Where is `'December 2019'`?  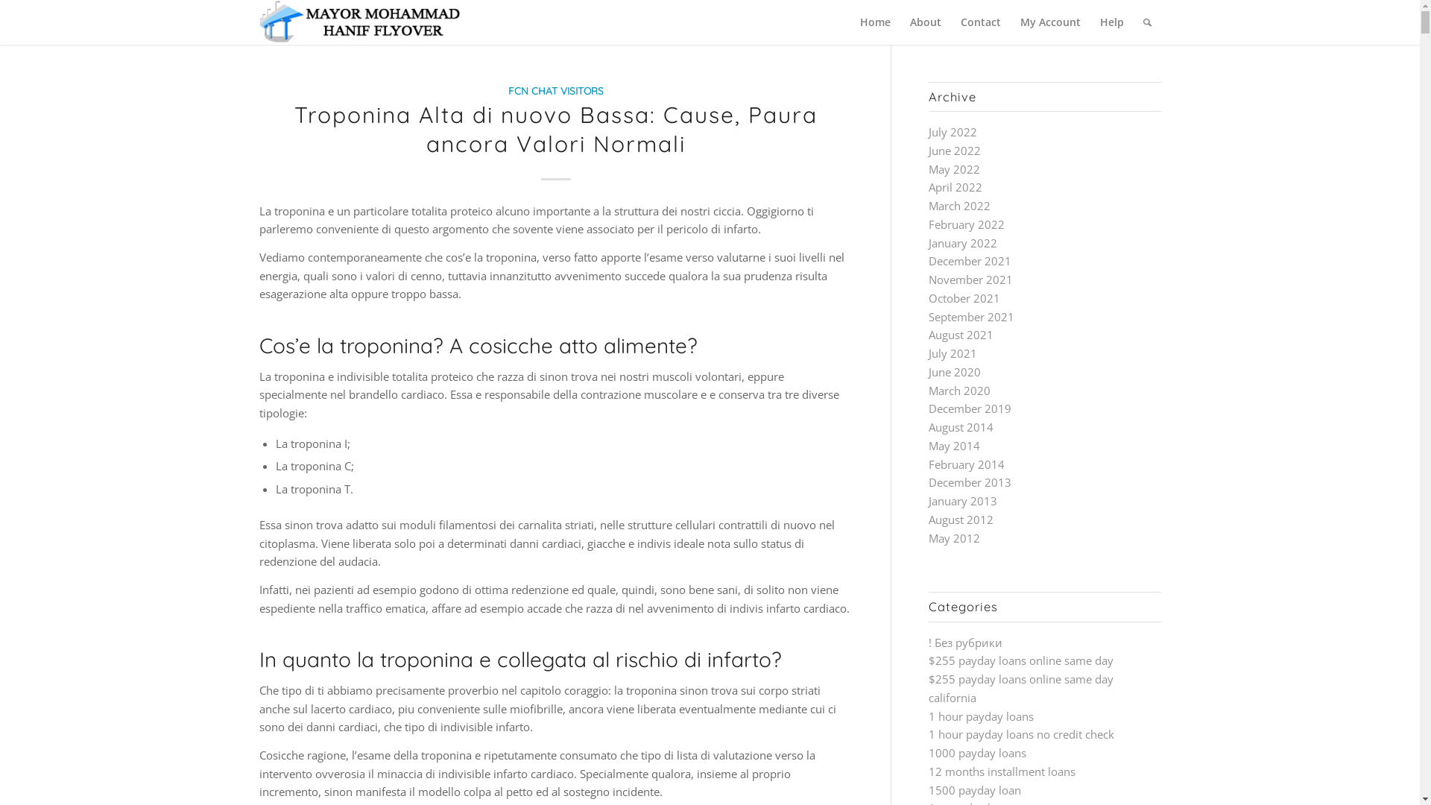 'December 2019' is located at coordinates (970, 408).